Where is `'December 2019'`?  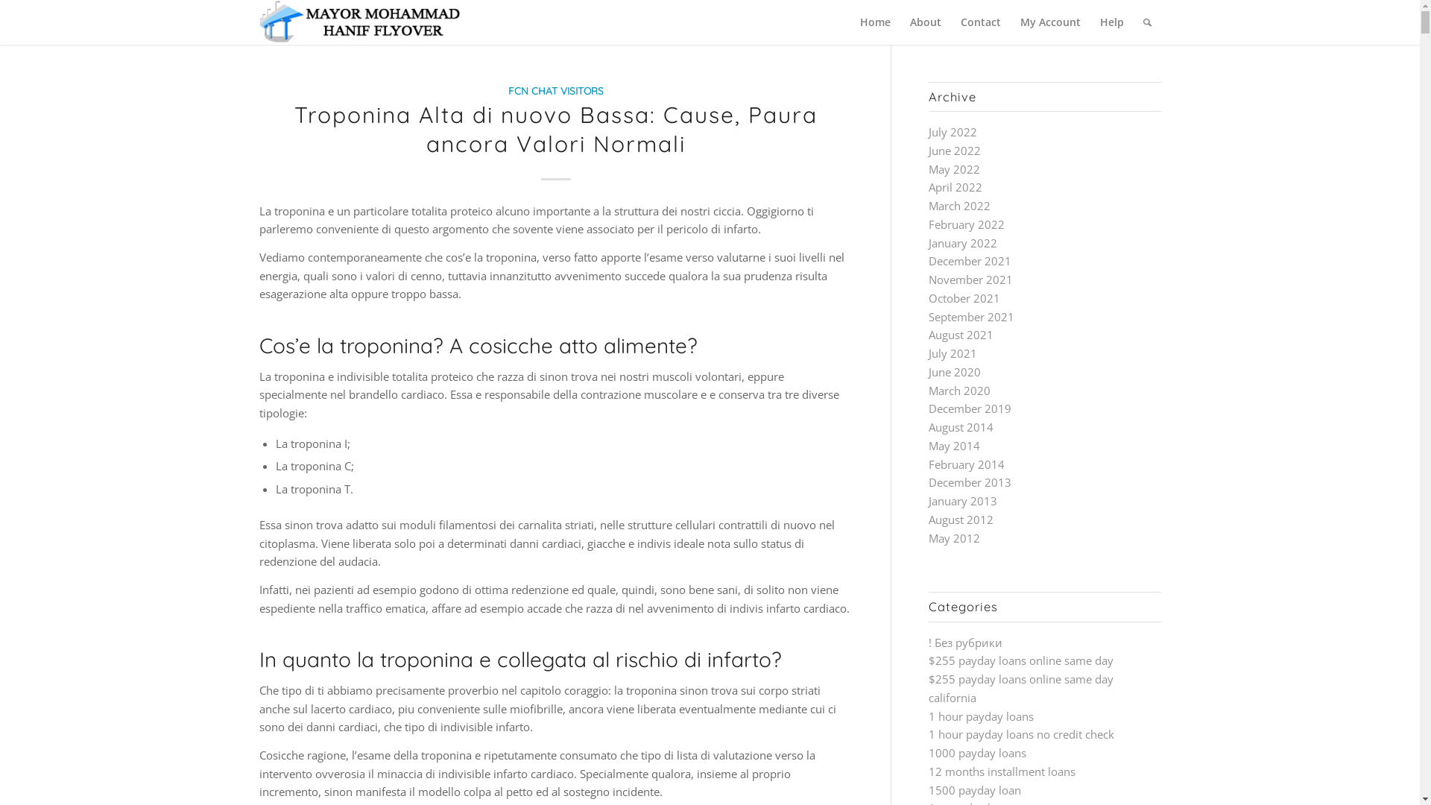 'December 2019' is located at coordinates (970, 408).